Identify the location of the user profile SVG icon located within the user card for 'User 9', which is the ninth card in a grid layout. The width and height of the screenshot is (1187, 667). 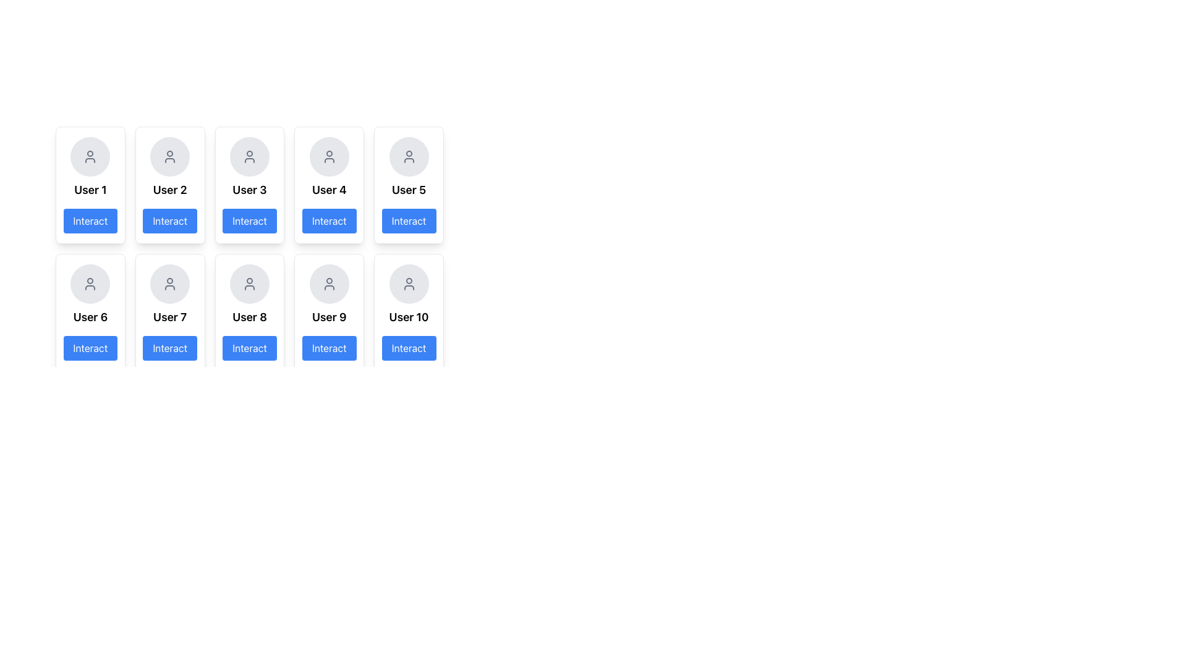
(329, 283).